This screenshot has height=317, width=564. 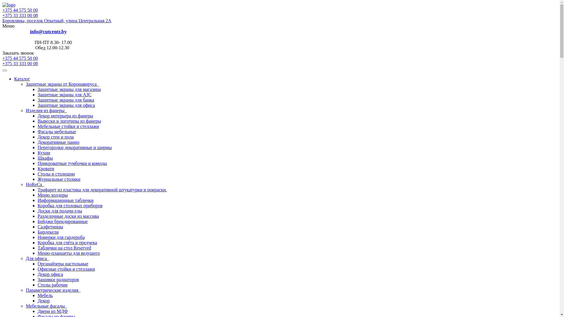 What do you see at coordinates (20, 63) in the screenshot?
I see `'+375 33 333 00 08'` at bounding box center [20, 63].